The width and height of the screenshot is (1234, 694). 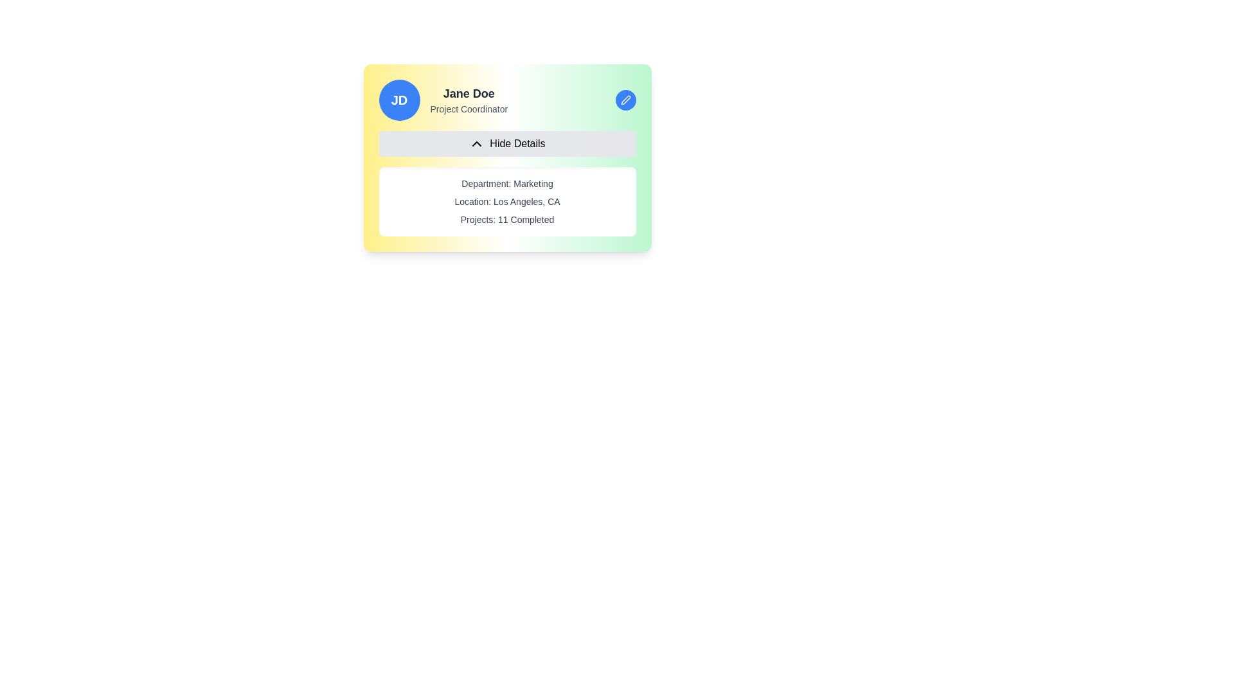 I want to click on the static text label that provides information about the role or title of 'Jane Doe', so click(x=468, y=108).